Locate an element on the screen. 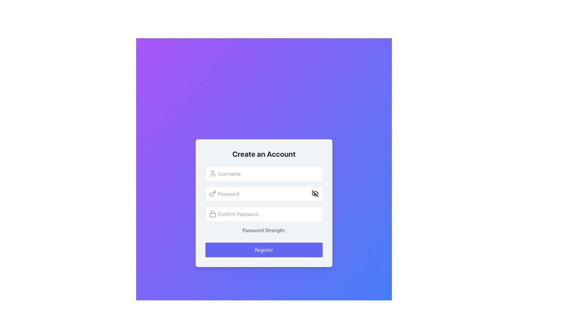 The image size is (586, 330). the diagonal line within the 'eye-off' icon, which indicates the 'off' state for hiding password characters in the password input field is located at coordinates (315, 193).